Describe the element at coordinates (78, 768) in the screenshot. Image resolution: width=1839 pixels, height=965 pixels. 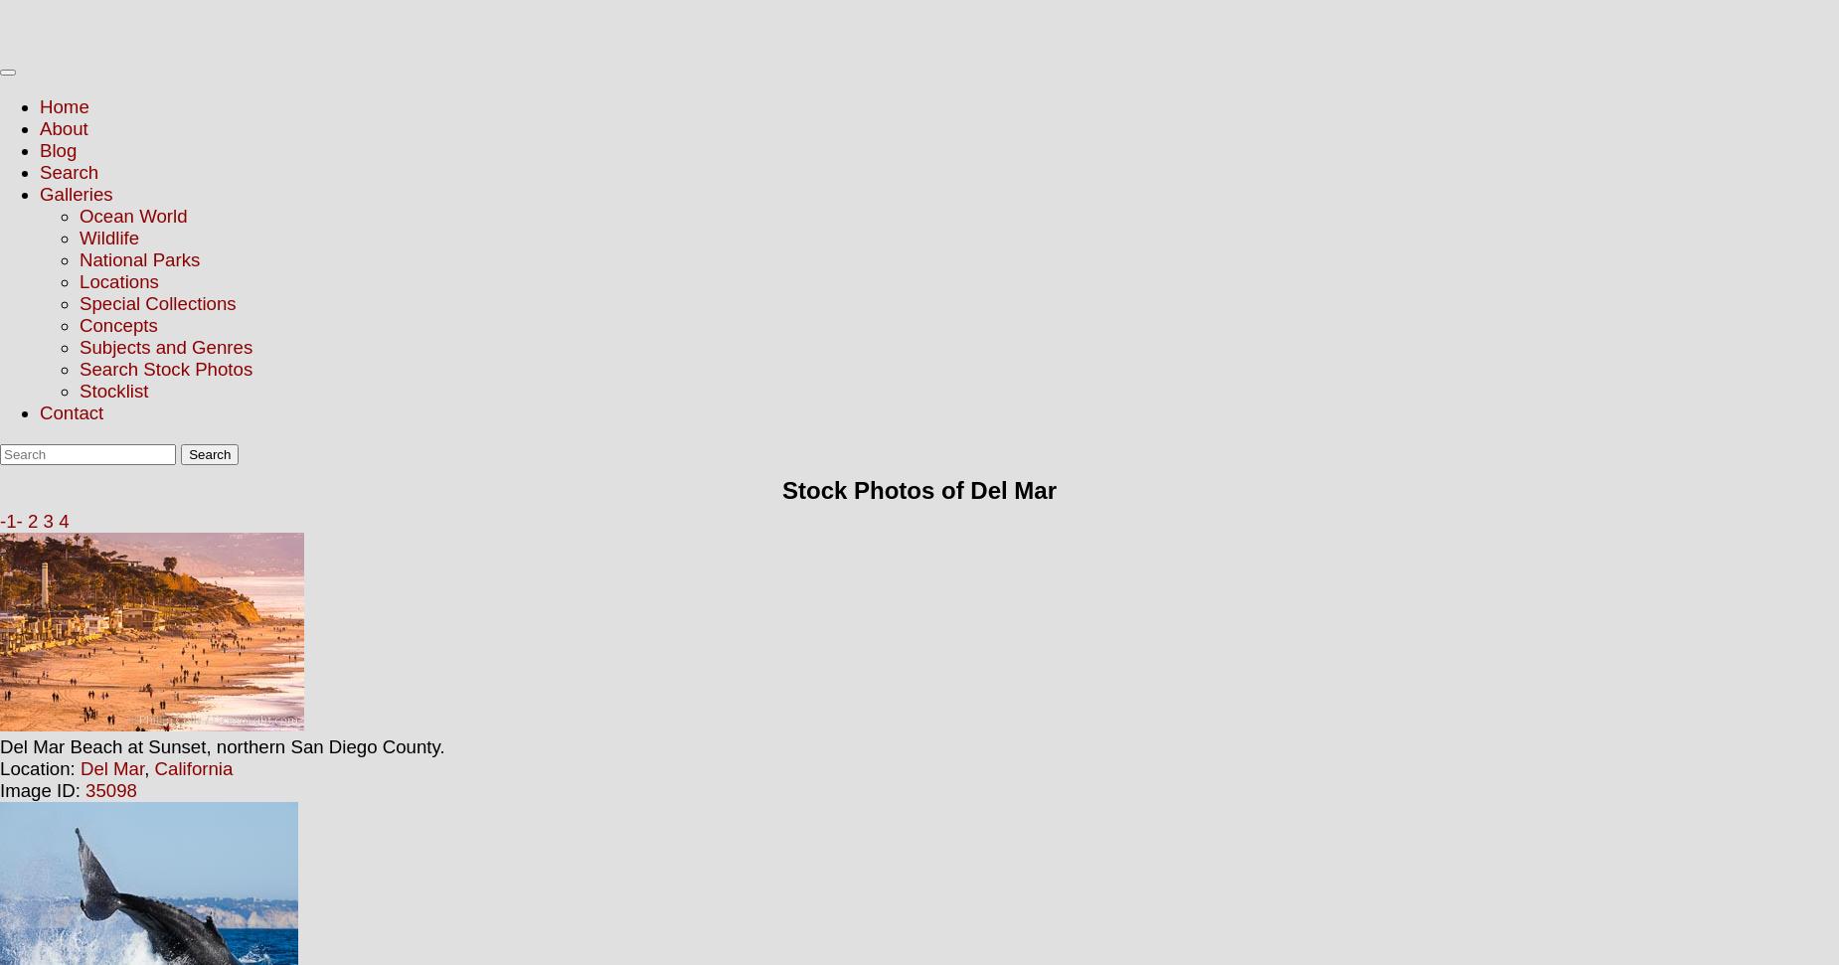
I see `'Del Mar'` at that location.